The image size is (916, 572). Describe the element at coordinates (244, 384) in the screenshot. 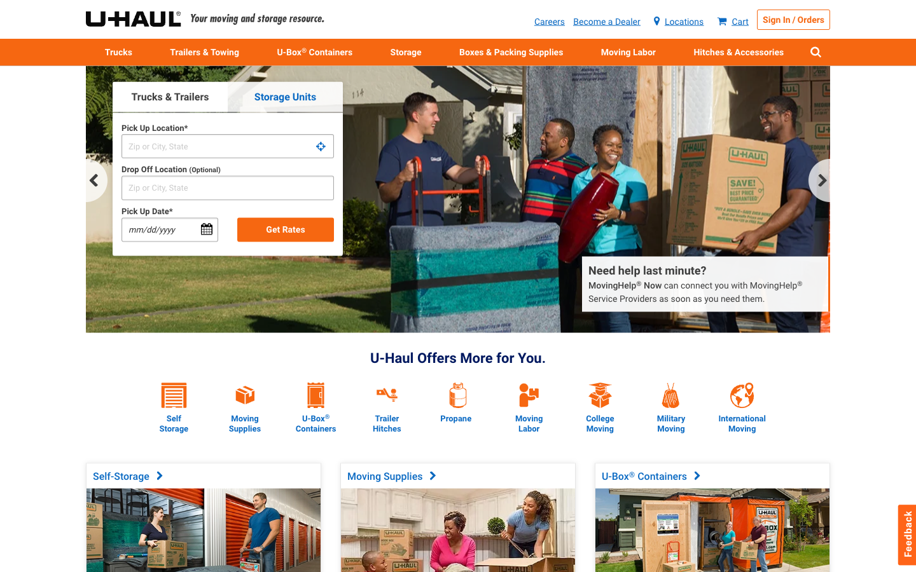

I see `How much do boxes cost?` at that location.